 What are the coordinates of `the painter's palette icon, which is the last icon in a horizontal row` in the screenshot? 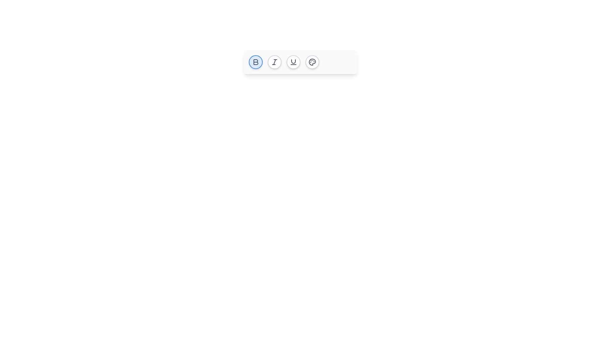 It's located at (312, 62).